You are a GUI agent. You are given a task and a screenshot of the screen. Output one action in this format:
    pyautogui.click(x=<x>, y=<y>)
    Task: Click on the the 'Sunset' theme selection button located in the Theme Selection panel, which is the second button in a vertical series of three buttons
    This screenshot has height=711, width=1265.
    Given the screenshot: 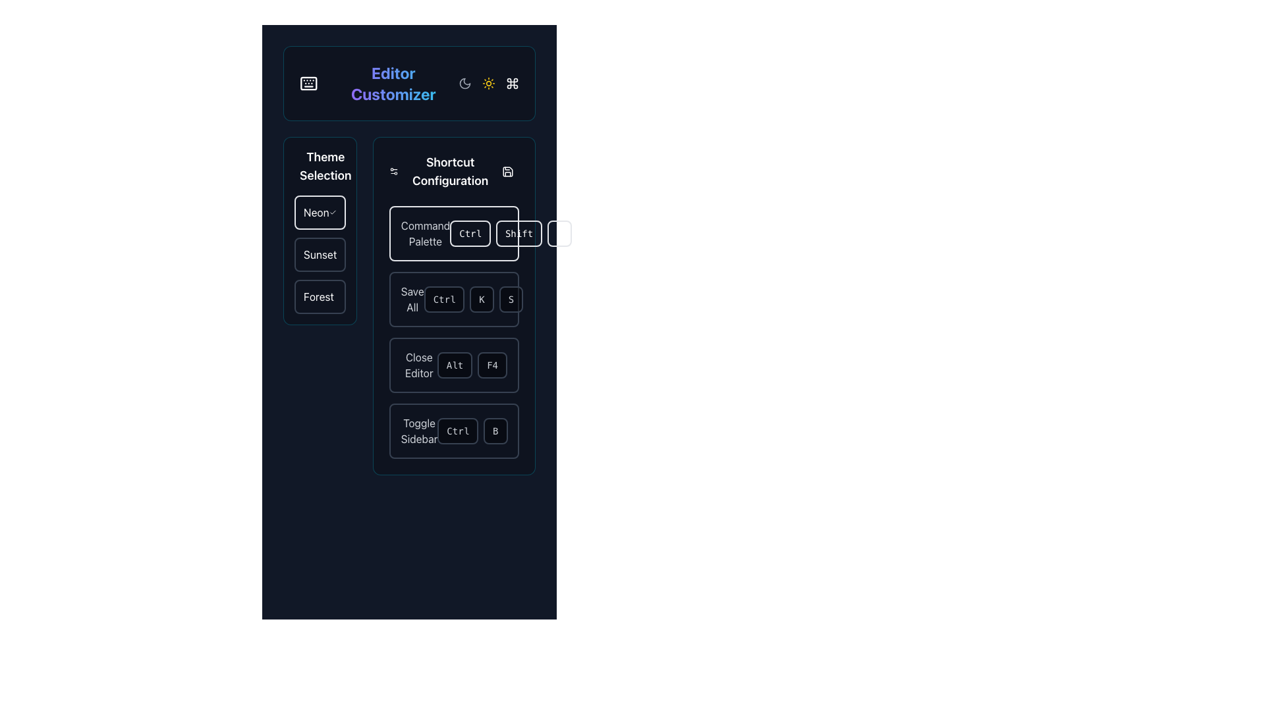 What is the action you would take?
    pyautogui.click(x=320, y=254)
    